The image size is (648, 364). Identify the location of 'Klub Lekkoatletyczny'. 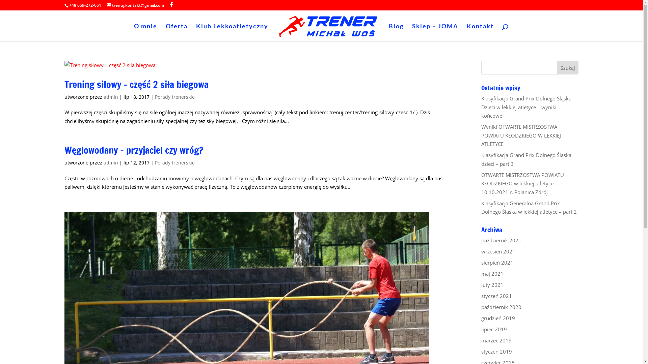
(232, 32).